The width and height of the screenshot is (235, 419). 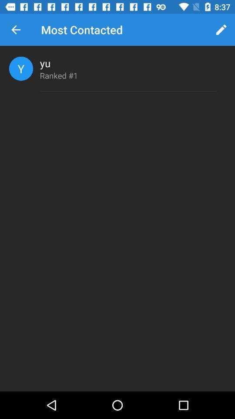 What do you see at coordinates (221, 30) in the screenshot?
I see `the item at the top right corner` at bounding box center [221, 30].